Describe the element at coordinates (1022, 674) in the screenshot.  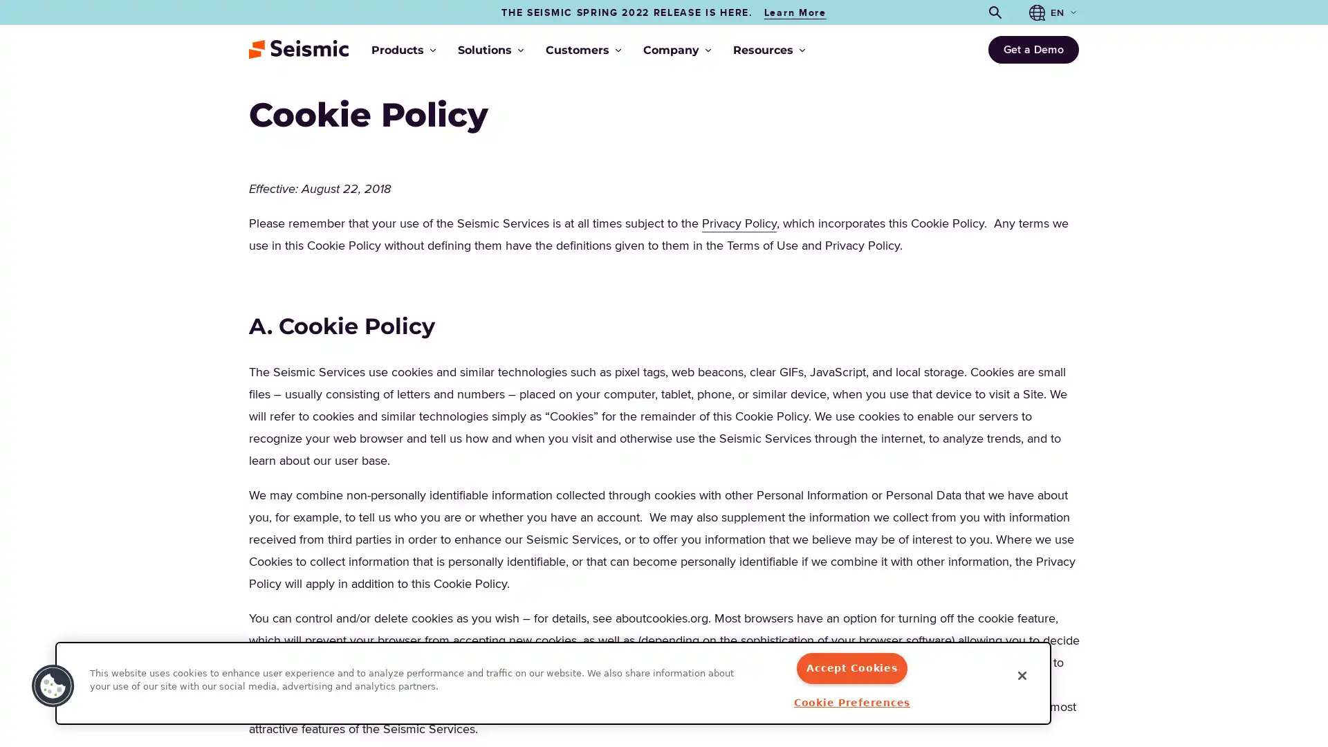
I see `Close` at that location.